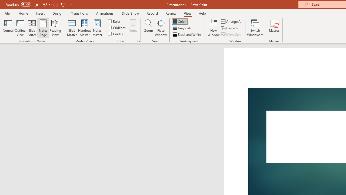 This screenshot has height=195, width=346. What do you see at coordinates (230, 28) in the screenshot?
I see `'Cascade'` at bounding box center [230, 28].